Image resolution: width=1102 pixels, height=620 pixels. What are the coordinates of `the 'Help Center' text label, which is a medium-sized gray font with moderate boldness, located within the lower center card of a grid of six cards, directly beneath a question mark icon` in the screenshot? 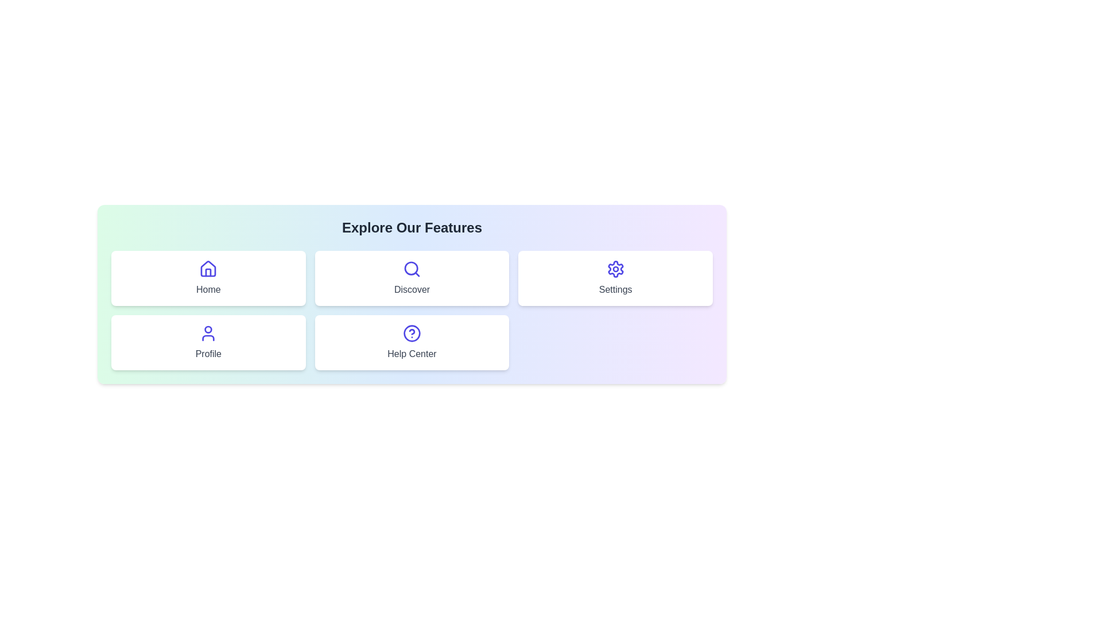 It's located at (412, 354).